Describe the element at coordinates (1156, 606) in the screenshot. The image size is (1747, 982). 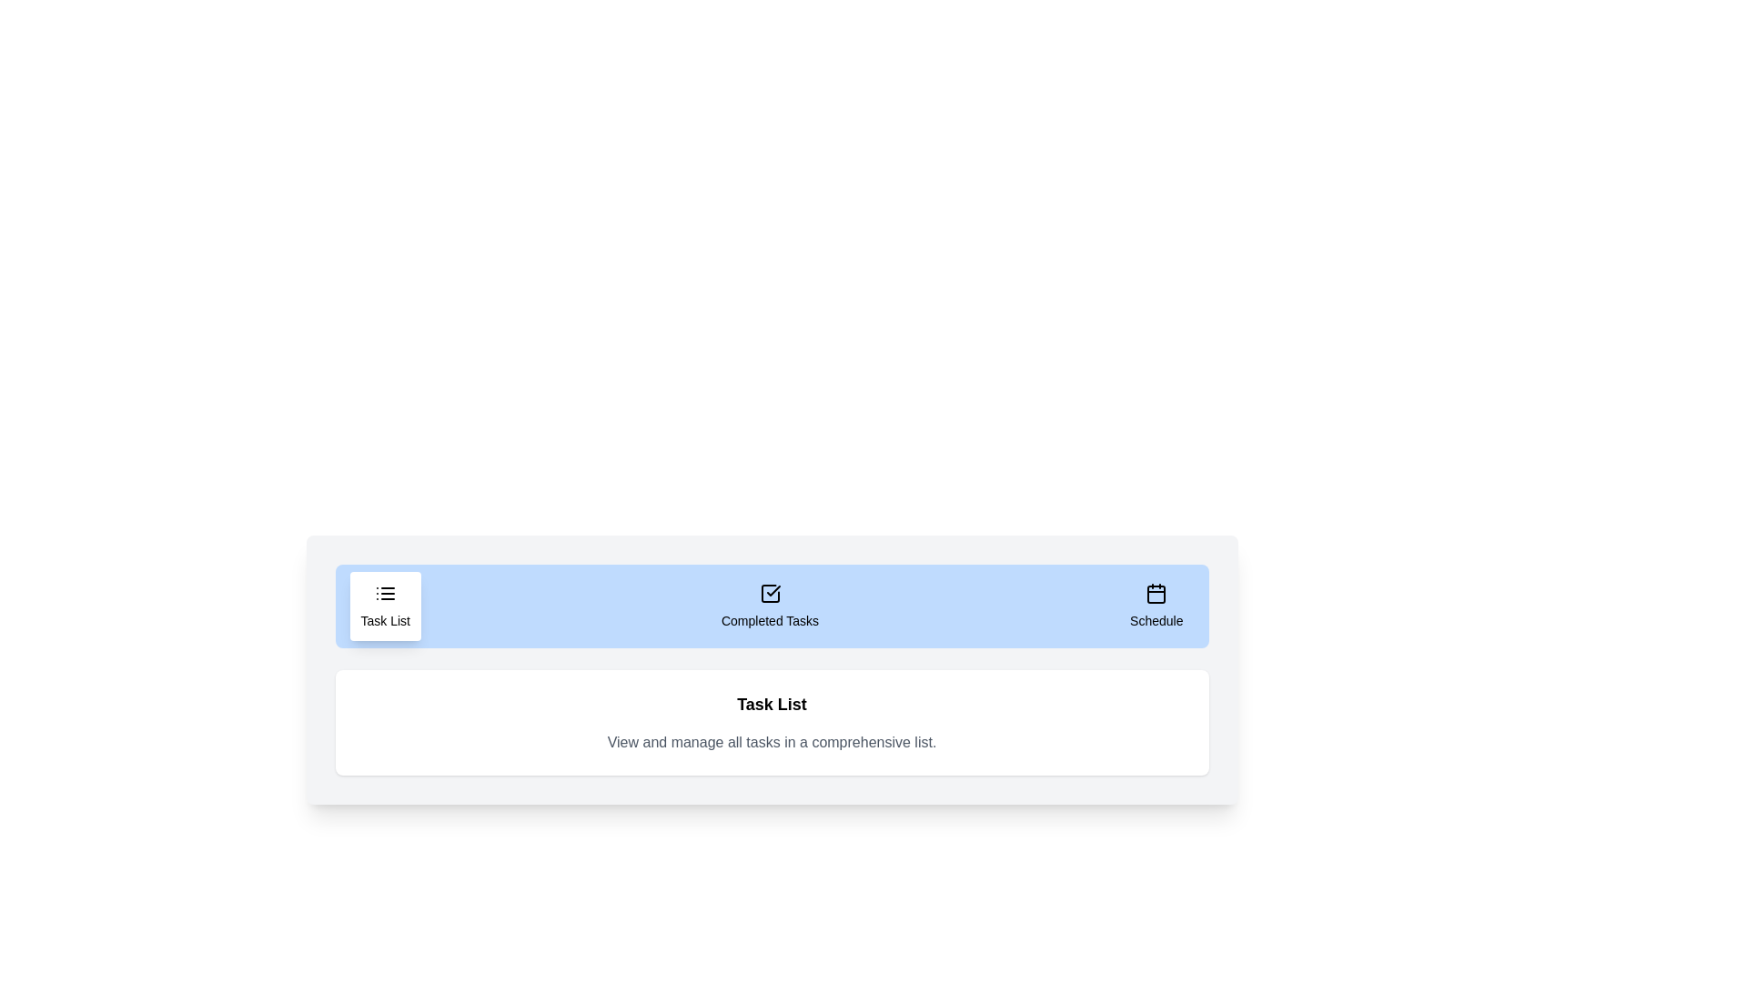
I see `the tab labeled Schedule` at that location.